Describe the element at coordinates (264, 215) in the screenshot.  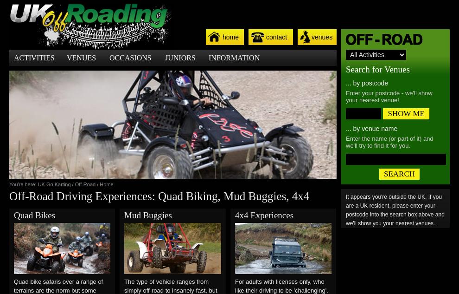
I see `'4x4 Experiences'` at that location.